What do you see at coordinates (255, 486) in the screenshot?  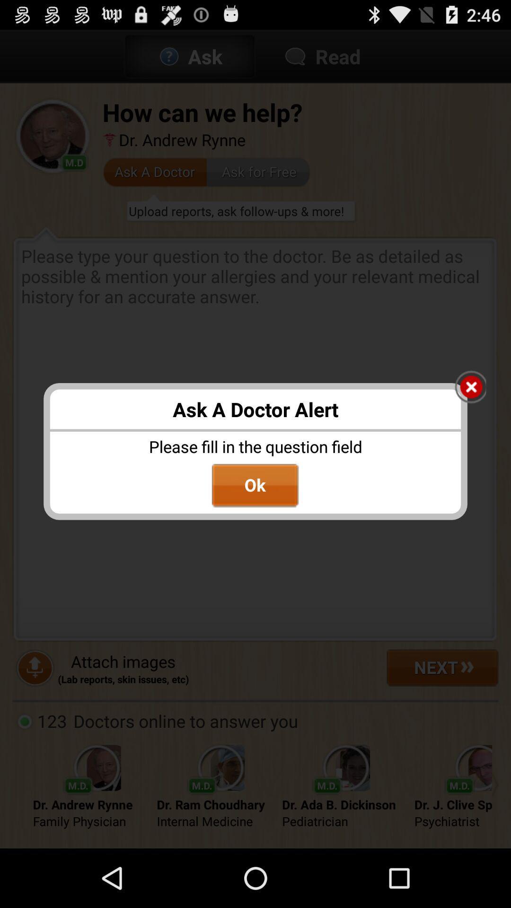 I see `the app below the please fill in icon` at bounding box center [255, 486].